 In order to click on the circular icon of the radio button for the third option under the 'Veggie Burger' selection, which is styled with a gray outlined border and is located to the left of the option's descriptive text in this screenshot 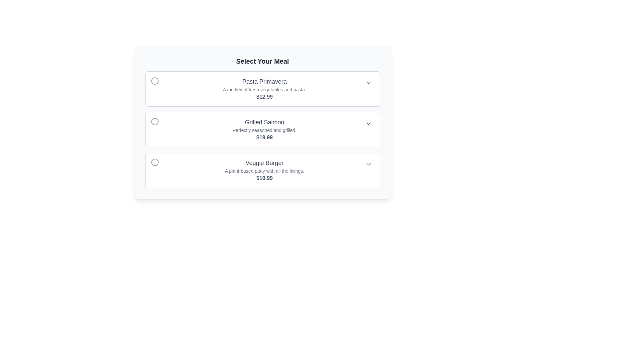, I will do `click(154, 162)`.